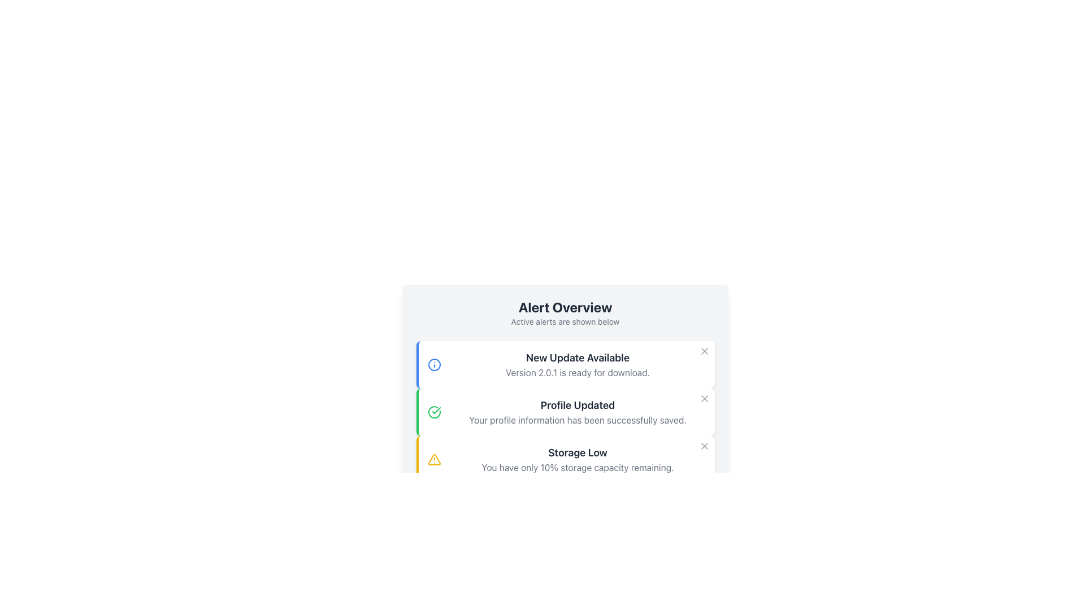  I want to click on text from the bold 'Profile Updated' label located in the notification card, which is prominently displayed above the supporting text, so click(578, 404).